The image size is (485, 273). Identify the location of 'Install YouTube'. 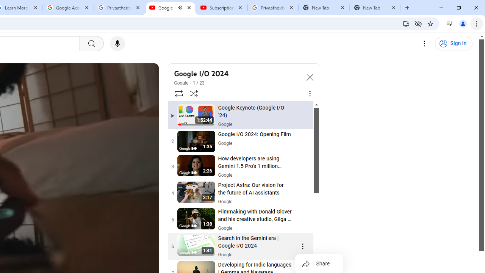
(406, 23).